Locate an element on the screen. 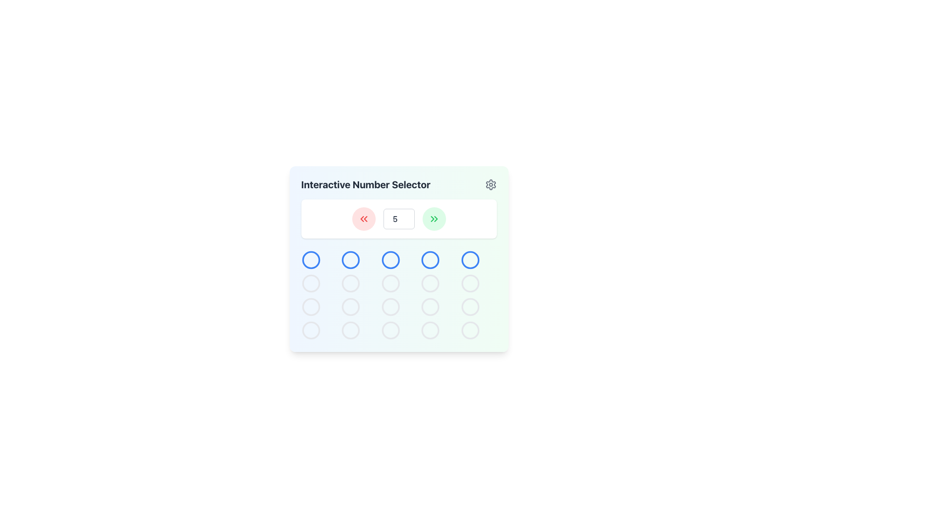  the Circle element located in the second row, third column of the 4x4 grid in the 'Interactive Number Selector' section is located at coordinates (390, 283).